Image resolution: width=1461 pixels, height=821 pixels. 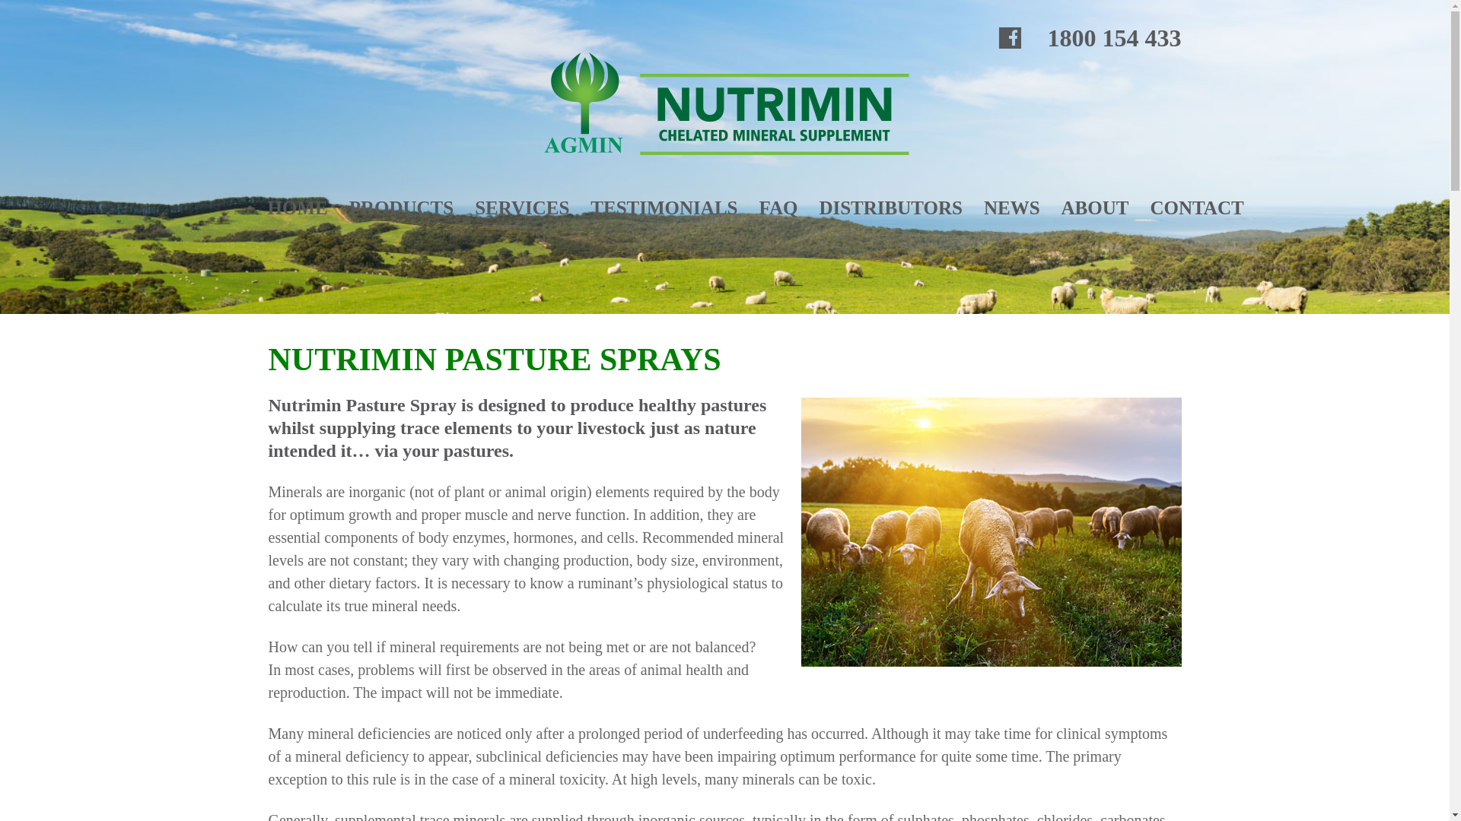 I want to click on 'NEWS', so click(x=1011, y=208).